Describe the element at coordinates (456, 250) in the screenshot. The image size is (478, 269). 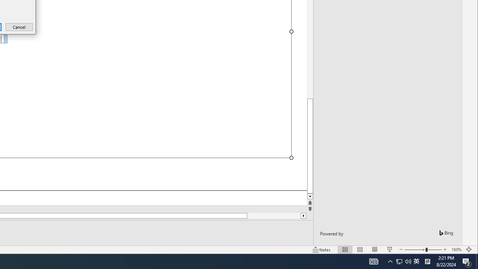
I see `'Zoom 160%'` at that location.